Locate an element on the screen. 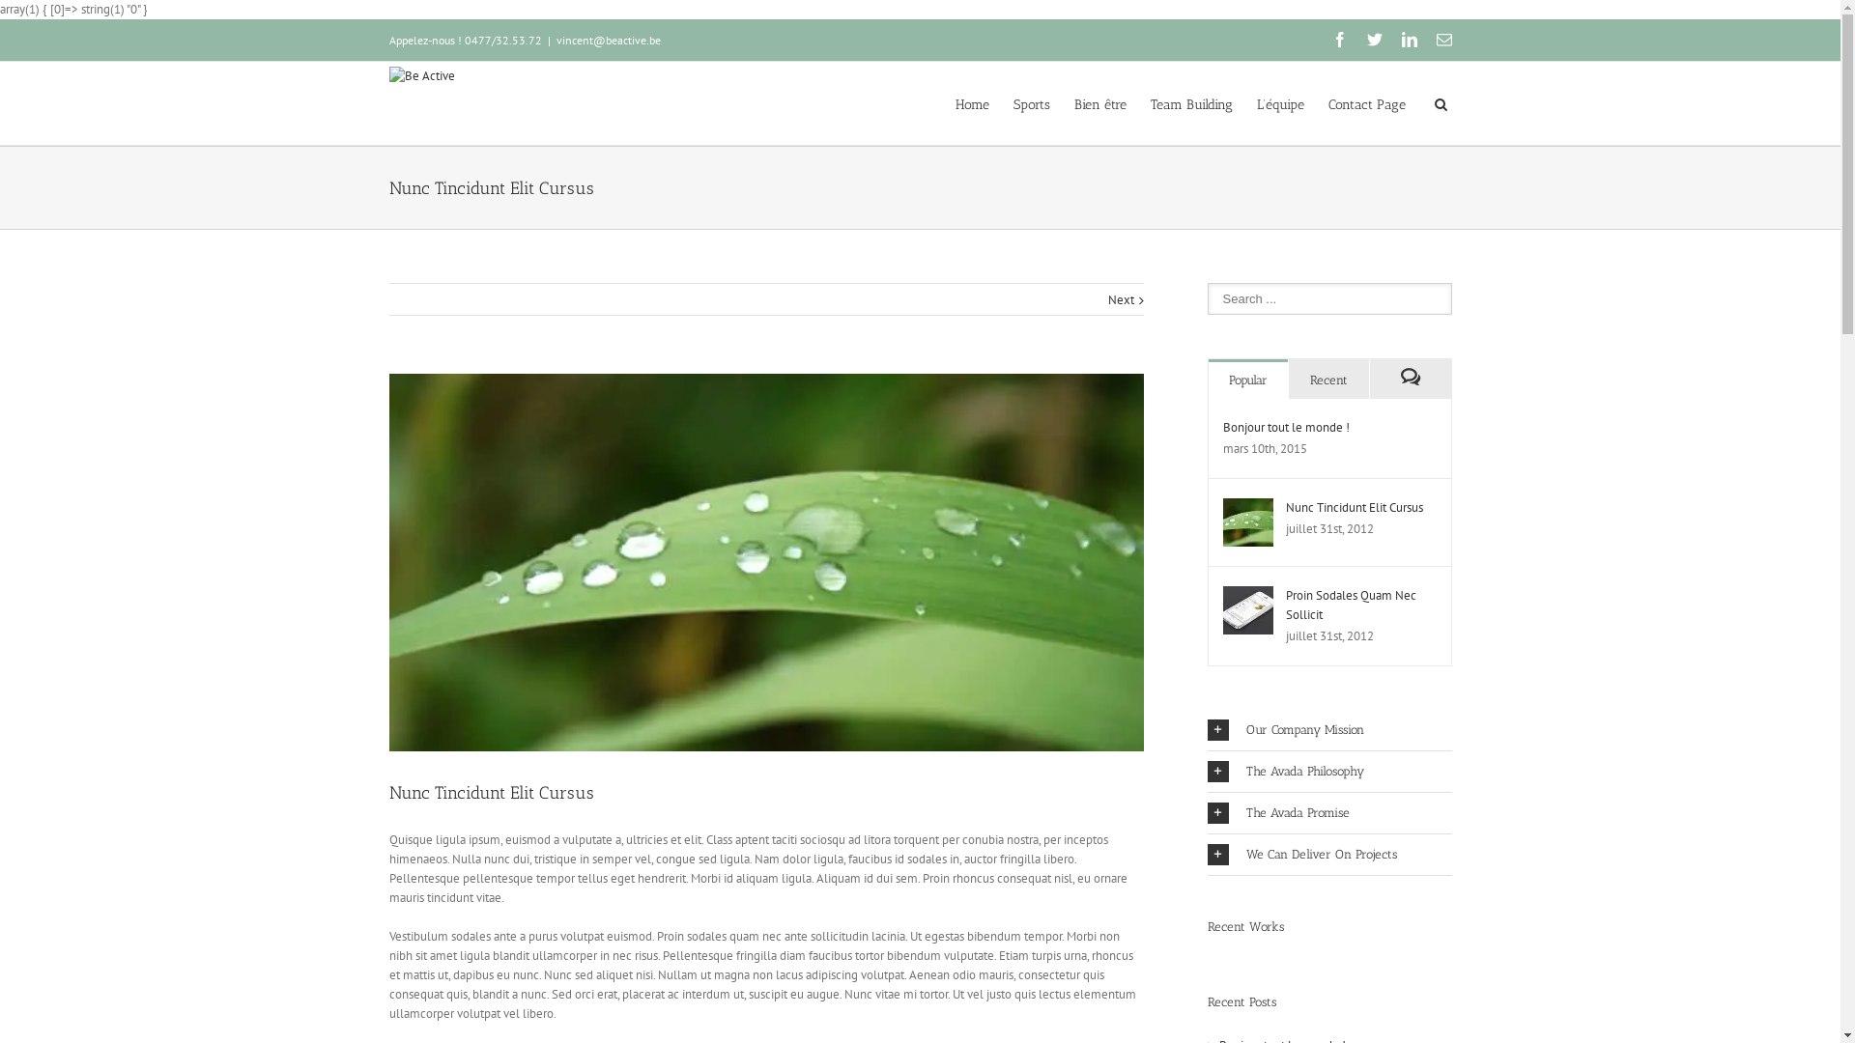 The image size is (1855, 1043). 'Contact Page' is located at coordinates (1365, 103).